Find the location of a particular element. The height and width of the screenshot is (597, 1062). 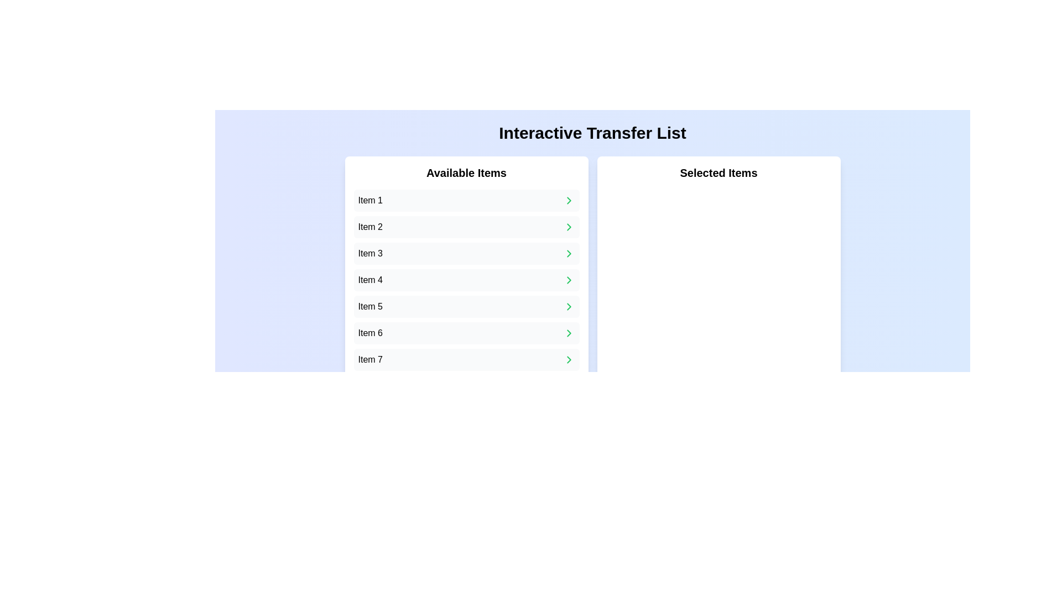

the text label displaying 'Item 1', which identifies the first item in the 'Available Items' list is located at coordinates (370, 200).